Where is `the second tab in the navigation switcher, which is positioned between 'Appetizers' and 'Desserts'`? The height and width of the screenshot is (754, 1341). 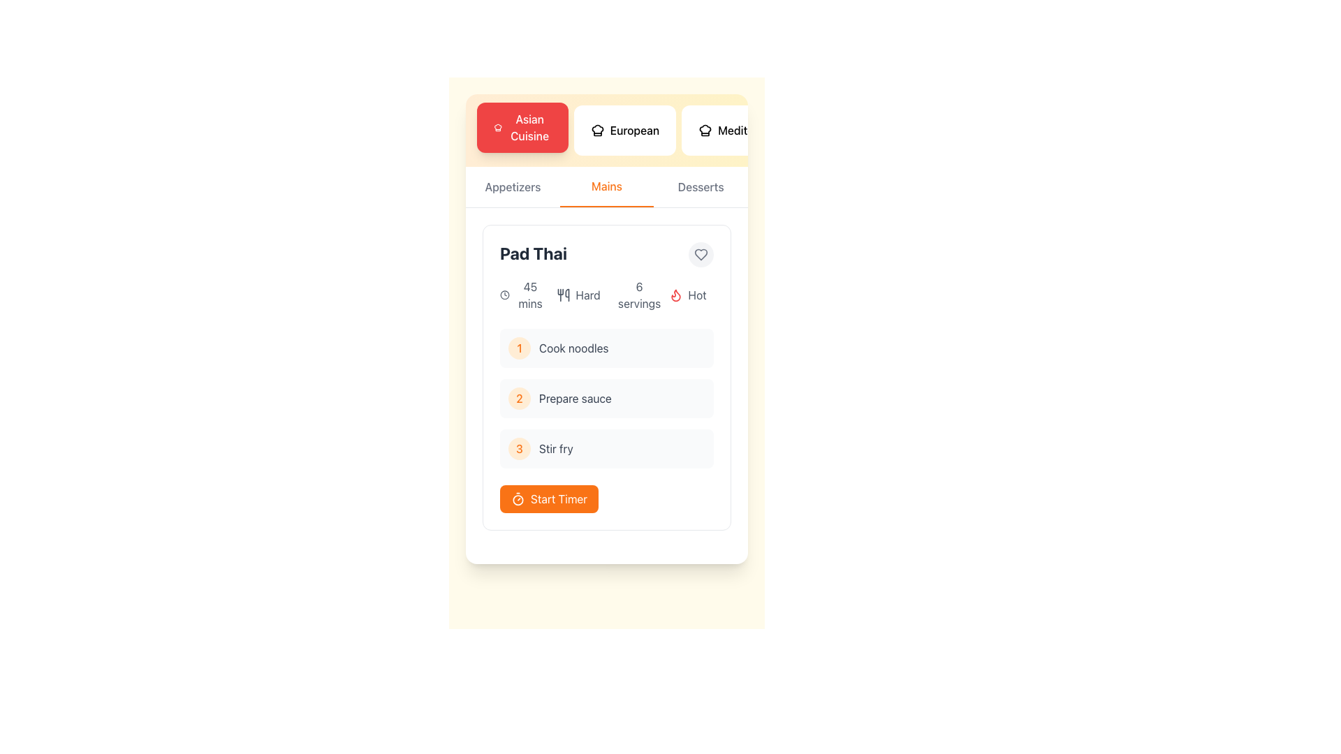 the second tab in the navigation switcher, which is positioned between 'Appetizers' and 'Desserts' is located at coordinates (606, 186).